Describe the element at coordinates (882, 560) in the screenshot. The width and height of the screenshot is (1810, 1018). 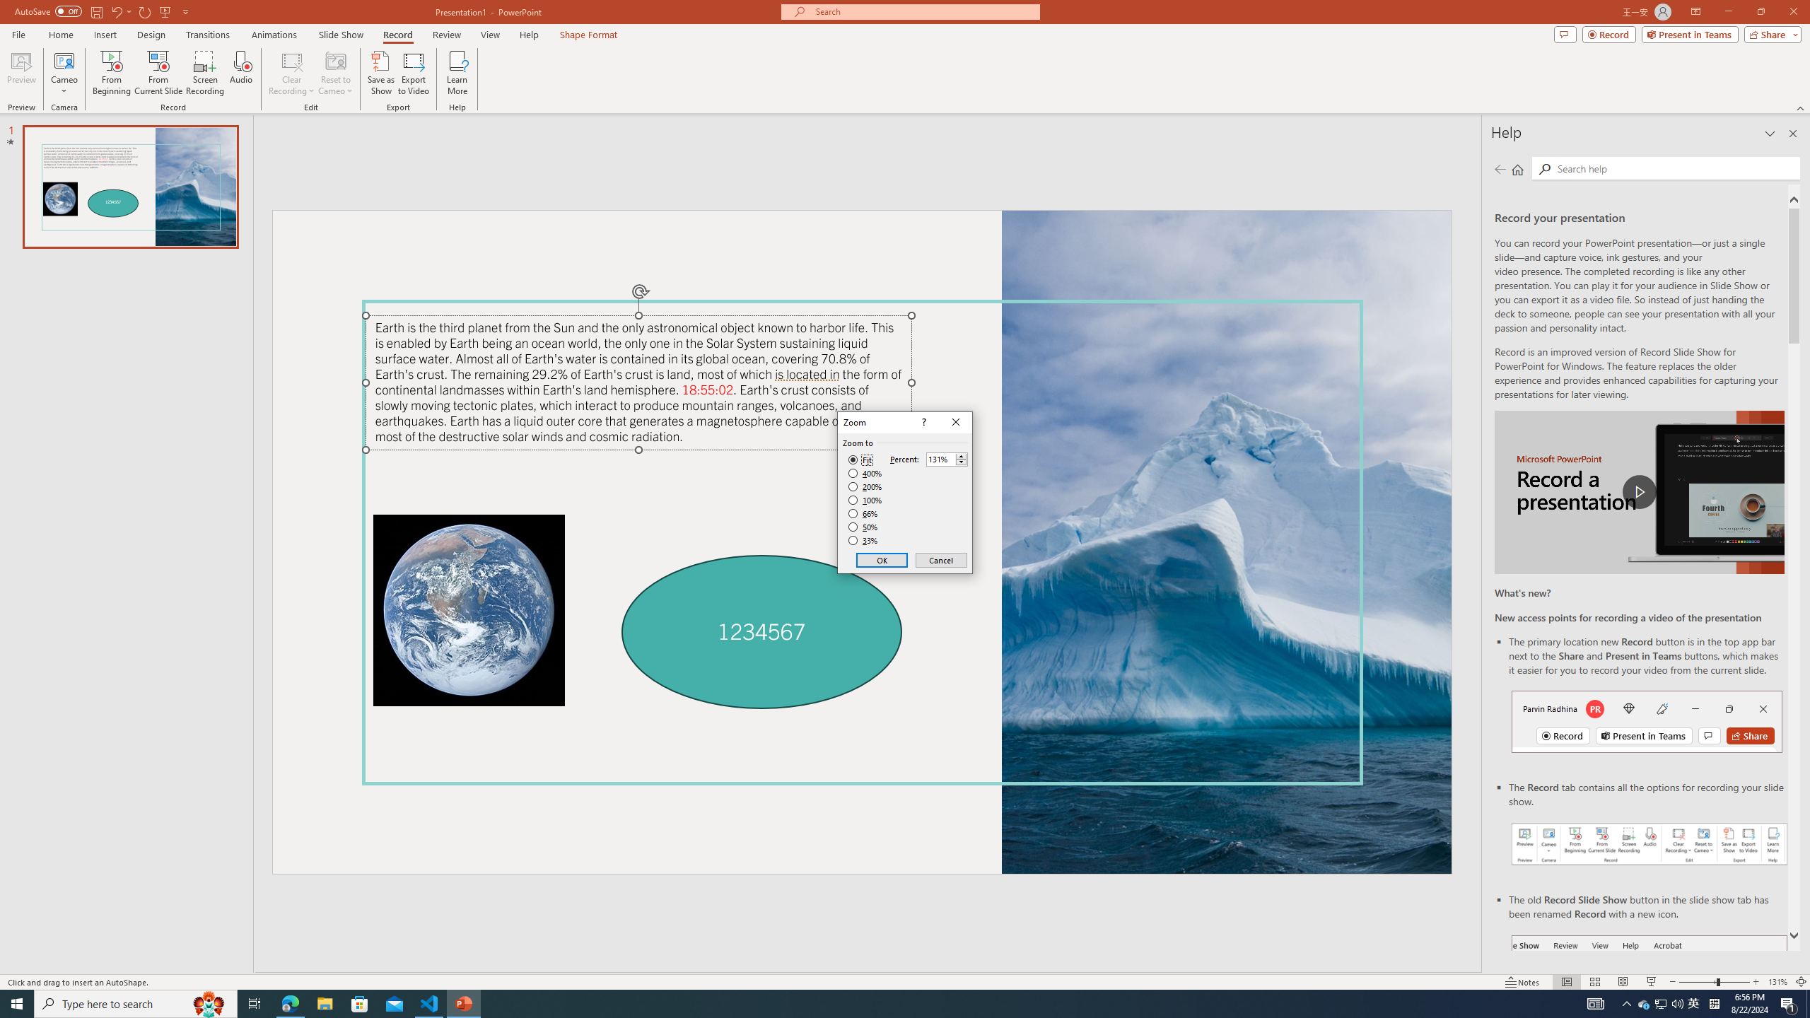
I see `'OK'` at that location.